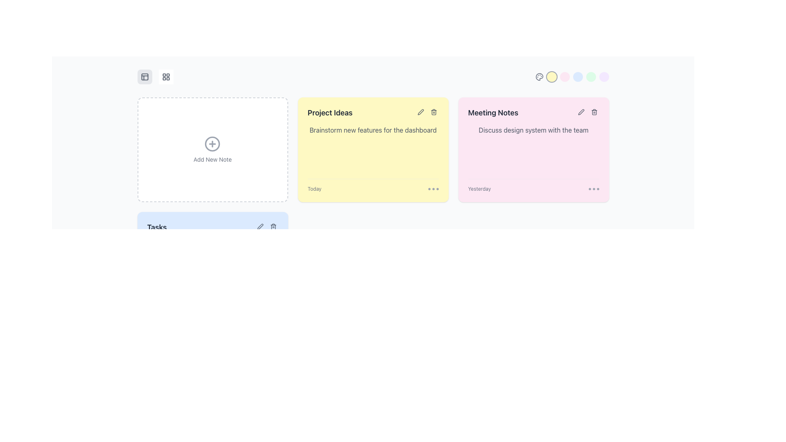  Describe the element at coordinates (539, 77) in the screenshot. I see `the painter's palette icon, which is a gray circular SVG graphic with small circles representing paint wells, located at the top-right area of the interface` at that location.